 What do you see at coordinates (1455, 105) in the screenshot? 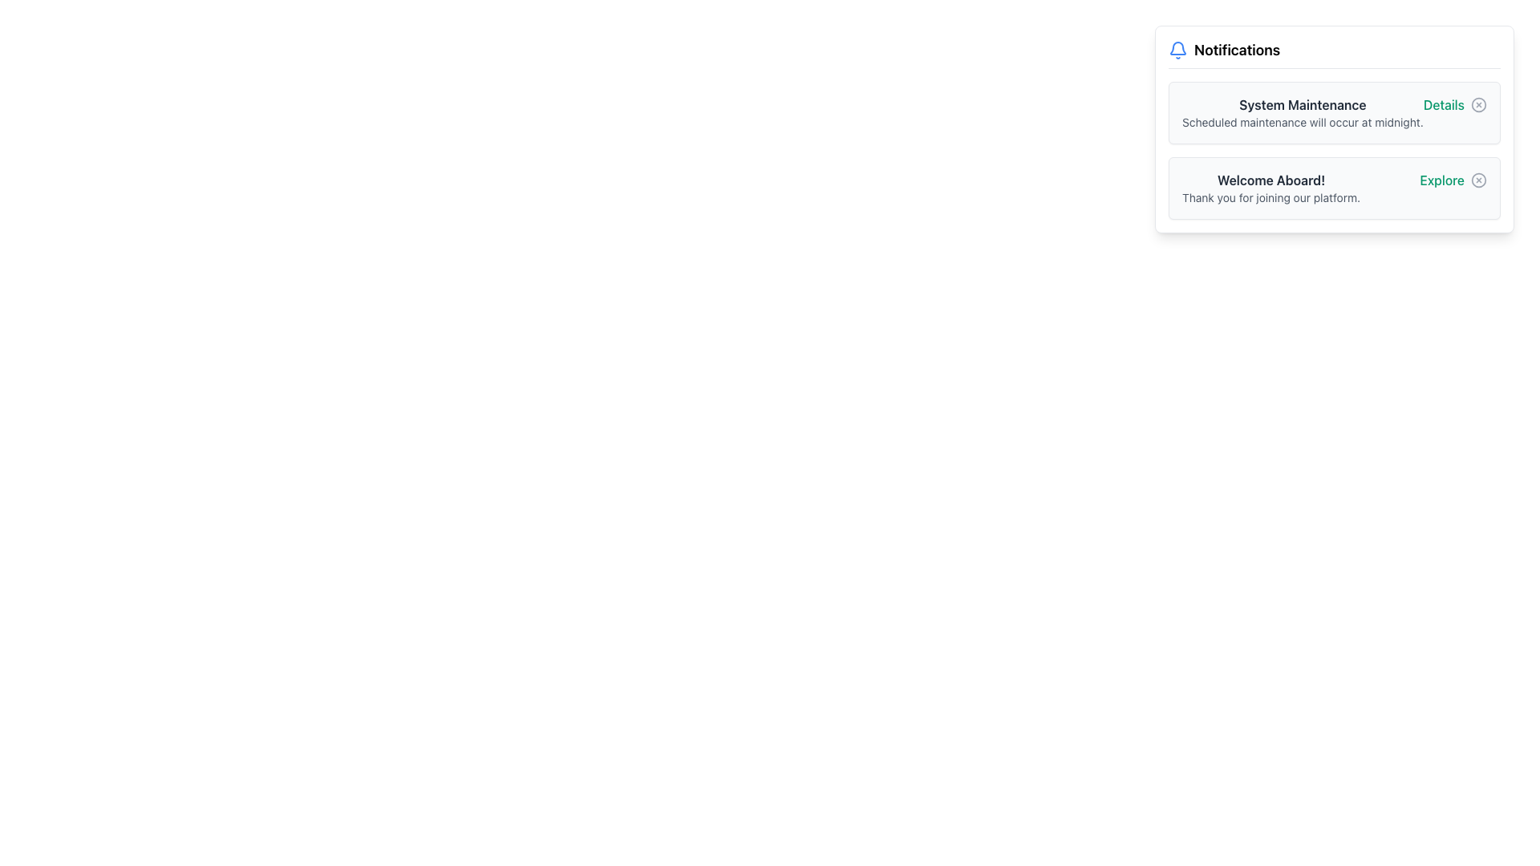
I see `the hyperlink labeled 'Details' styled in green, located next to a circular close icon` at bounding box center [1455, 105].